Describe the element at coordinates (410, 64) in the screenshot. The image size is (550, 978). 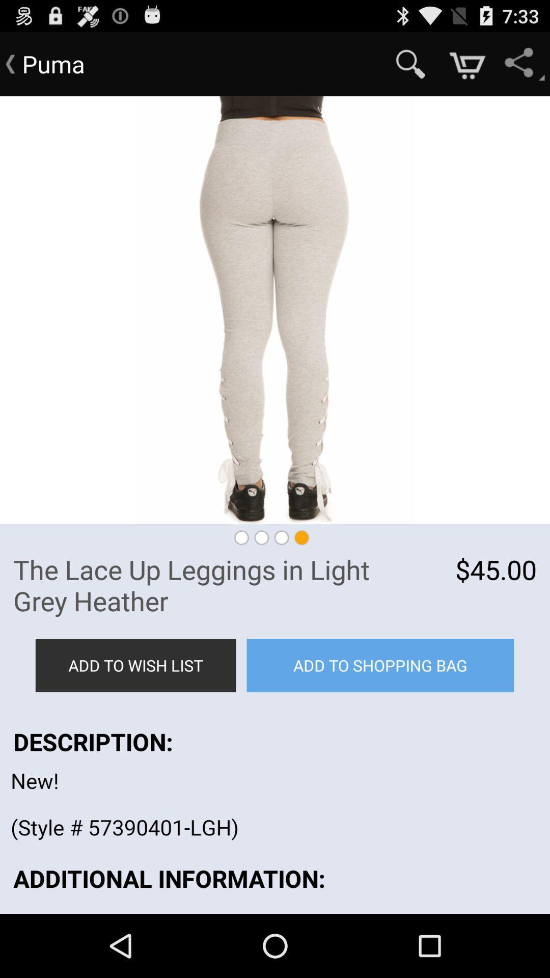
I see `the first icon which is right to the text puma` at that location.